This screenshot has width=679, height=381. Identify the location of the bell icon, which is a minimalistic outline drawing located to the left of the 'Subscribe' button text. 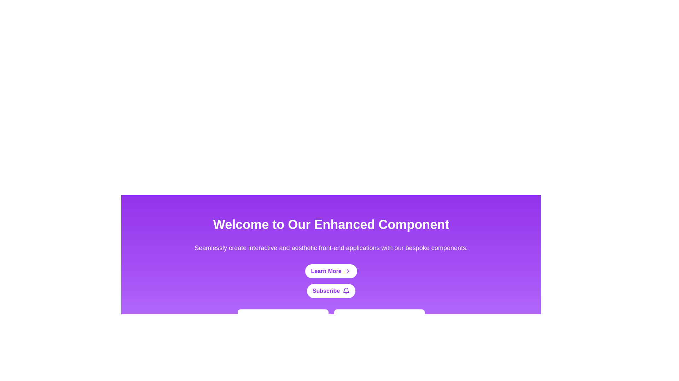
(346, 291).